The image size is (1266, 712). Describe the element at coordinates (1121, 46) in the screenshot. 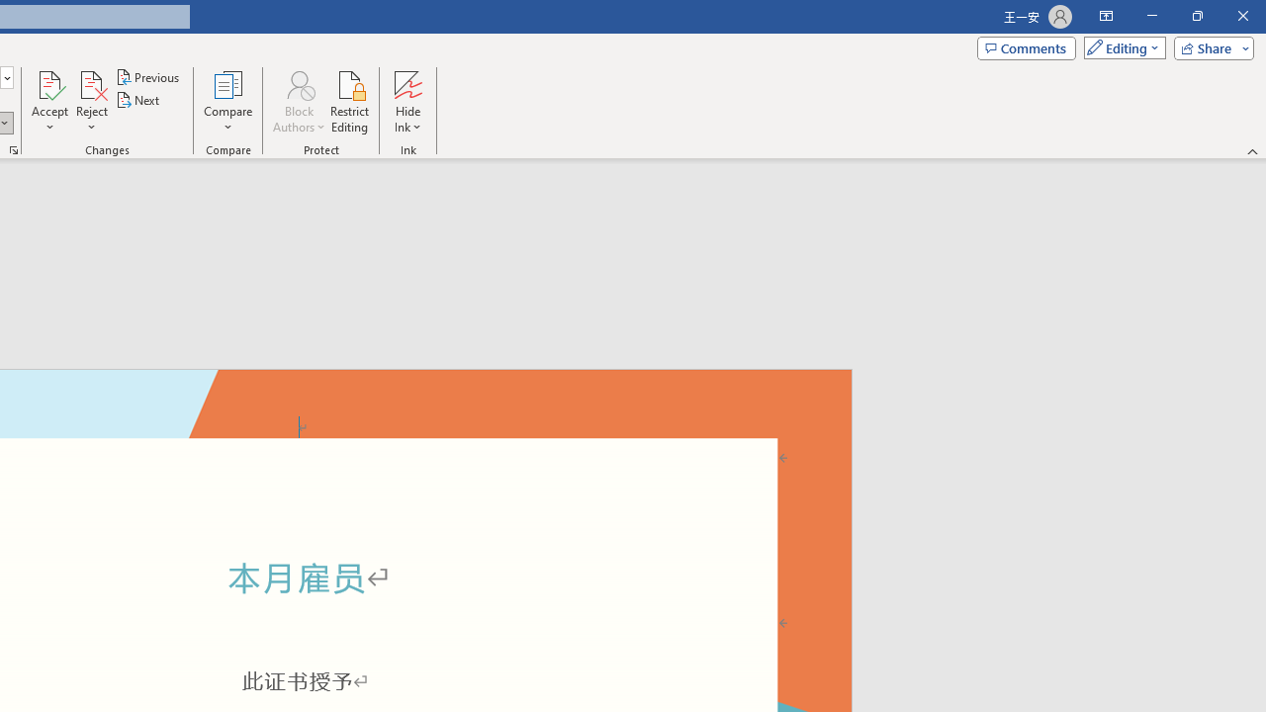

I see `'Mode'` at that location.